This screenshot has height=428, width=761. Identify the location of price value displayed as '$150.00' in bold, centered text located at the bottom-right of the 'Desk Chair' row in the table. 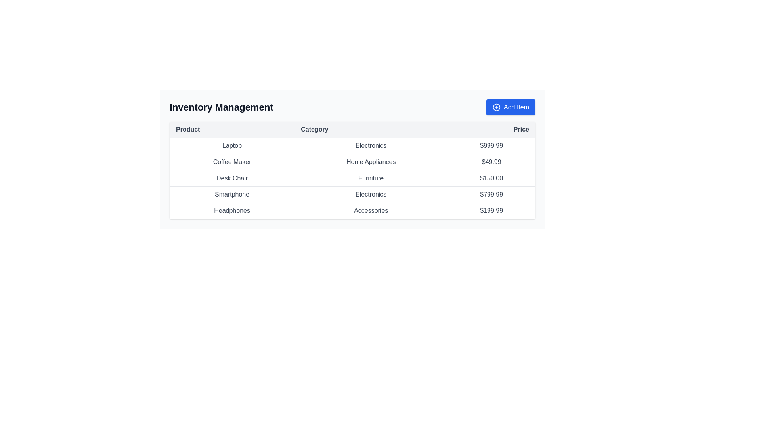
(491, 178).